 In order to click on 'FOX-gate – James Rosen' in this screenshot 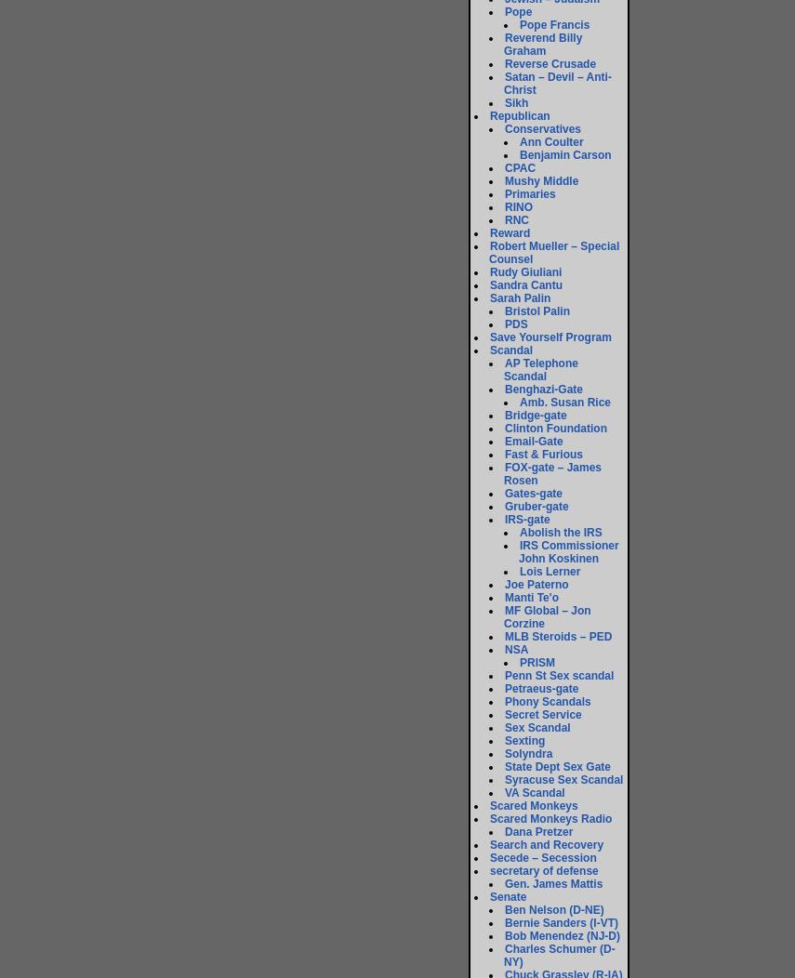, I will do `click(503, 473)`.